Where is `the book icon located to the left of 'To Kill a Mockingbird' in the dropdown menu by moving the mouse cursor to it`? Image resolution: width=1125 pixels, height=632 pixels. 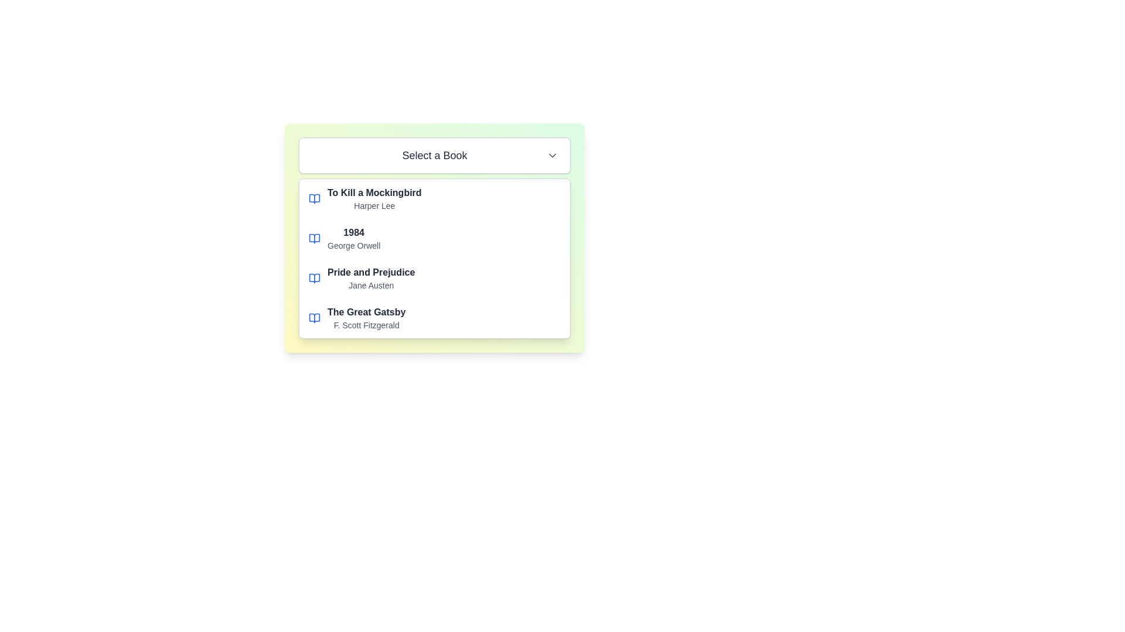 the book icon located to the left of 'To Kill a Mockingbird' in the dropdown menu by moving the mouse cursor to it is located at coordinates (315, 198).